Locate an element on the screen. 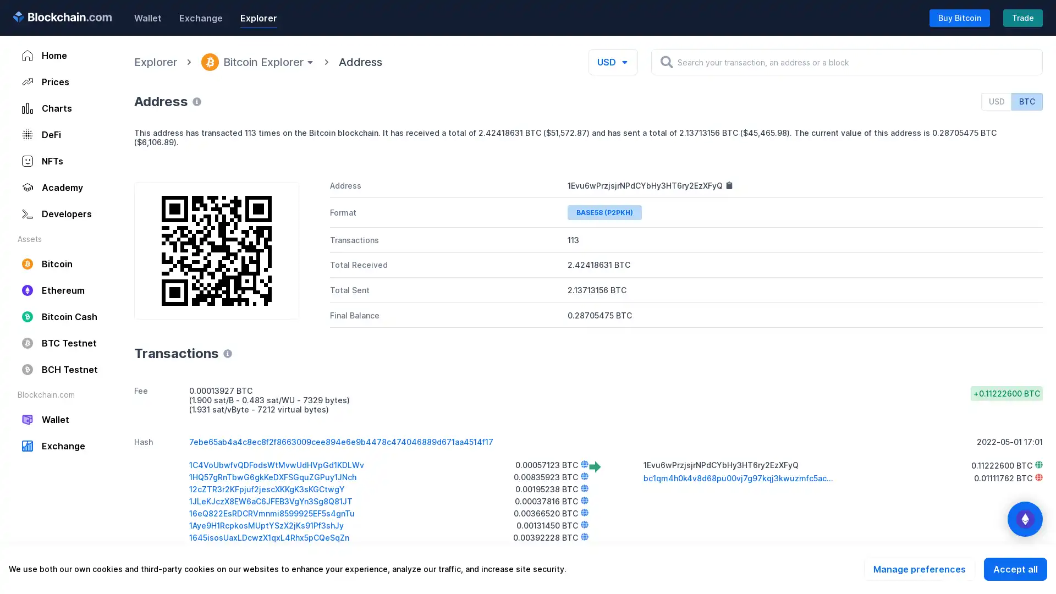  Trade is located at coordinates (1022, 17).